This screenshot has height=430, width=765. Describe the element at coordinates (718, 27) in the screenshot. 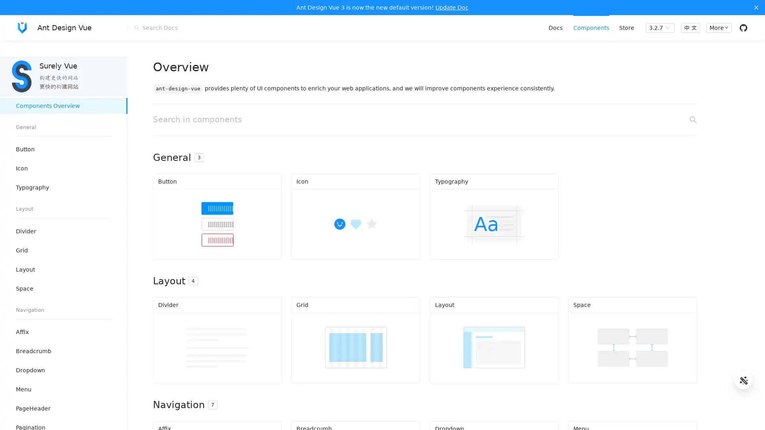

I see `More down` at that location.